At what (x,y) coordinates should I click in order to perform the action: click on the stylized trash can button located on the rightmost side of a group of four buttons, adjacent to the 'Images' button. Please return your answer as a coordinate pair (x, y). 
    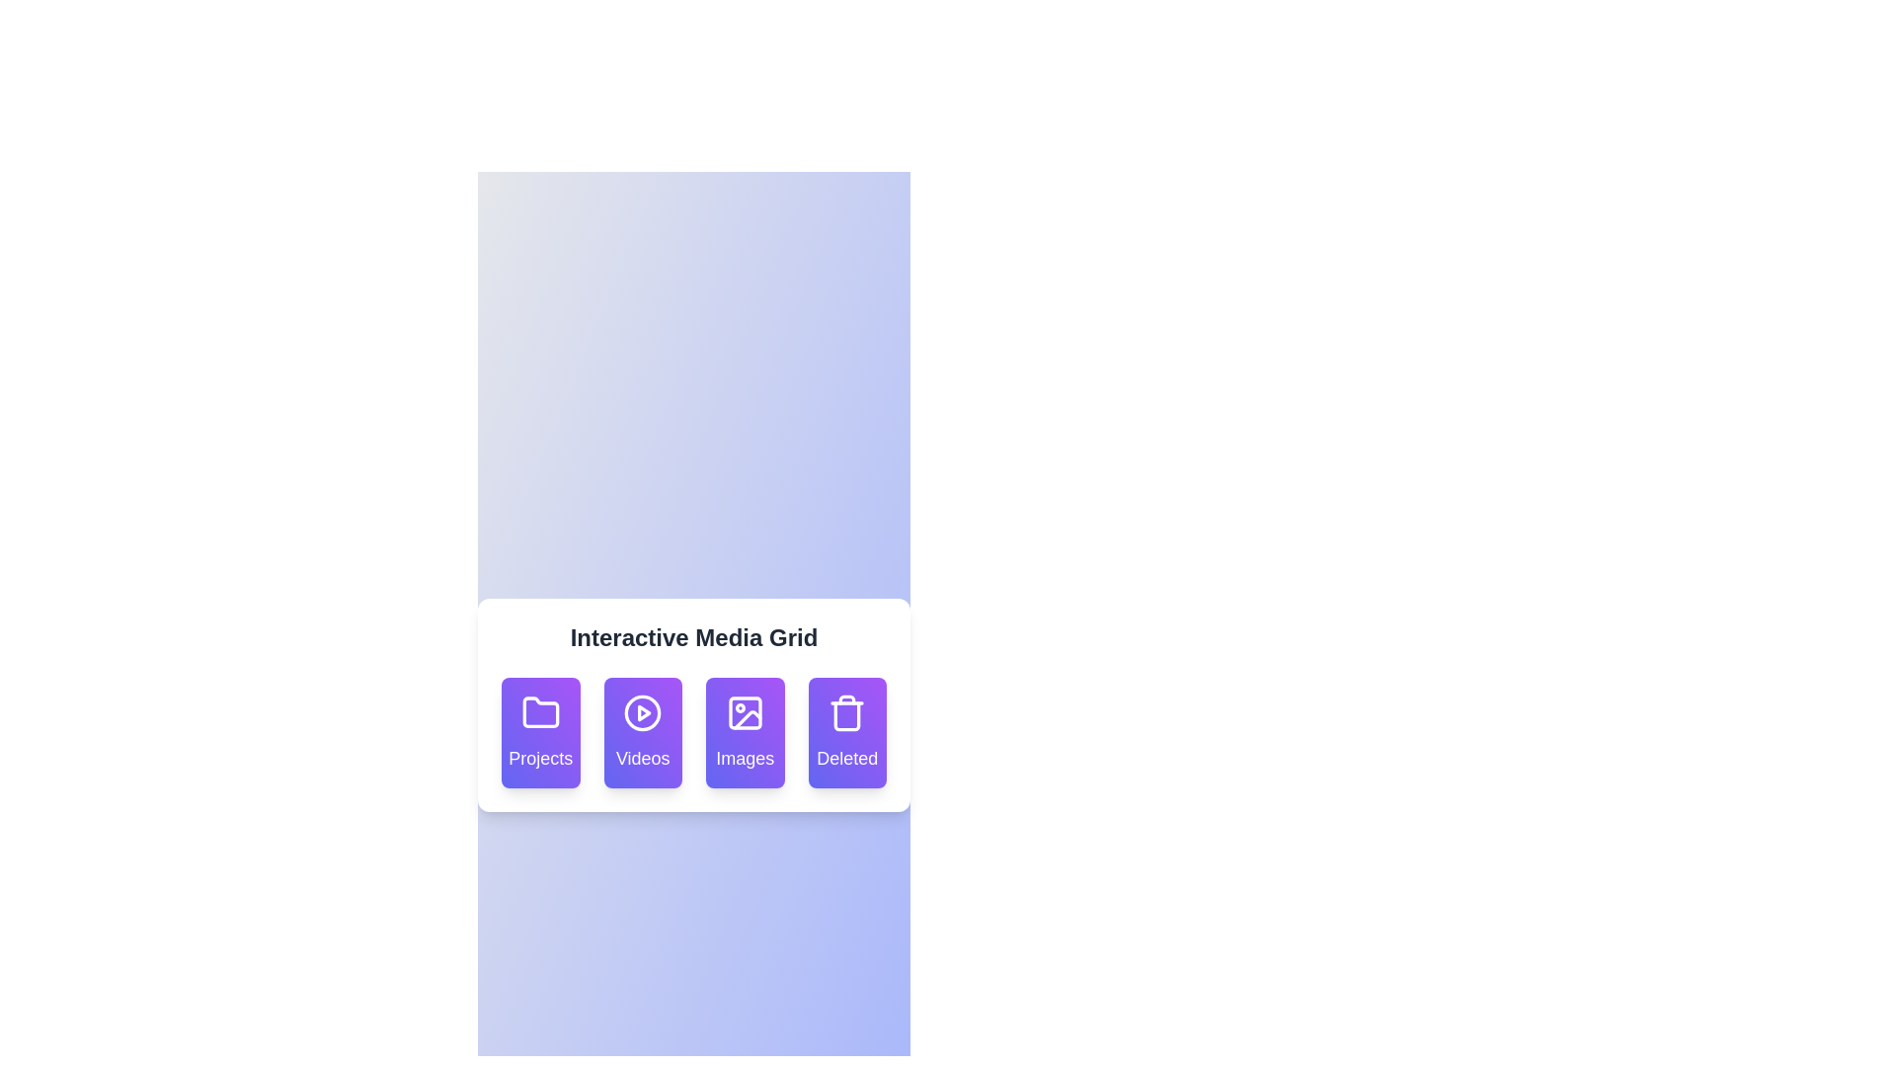
    Looking at the image, I should click on (847, 712).